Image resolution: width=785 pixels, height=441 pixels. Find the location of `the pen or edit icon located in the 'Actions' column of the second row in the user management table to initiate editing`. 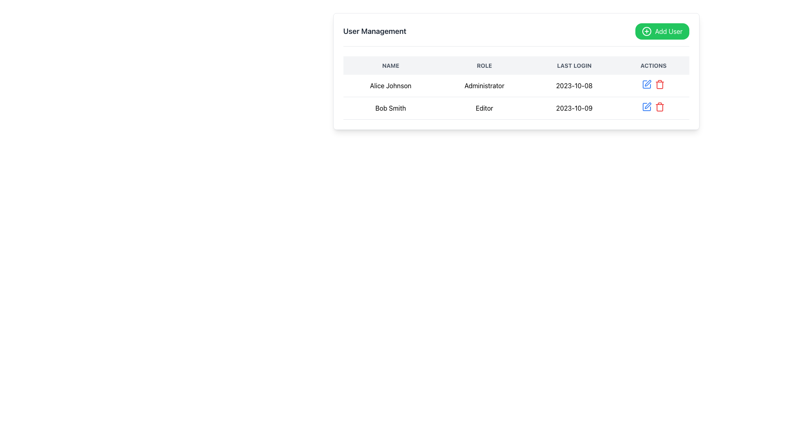

the pen or edit icon located in the 'Actions' column of the second row in the user management table to initiate editing is located at coordinates (648, 83).